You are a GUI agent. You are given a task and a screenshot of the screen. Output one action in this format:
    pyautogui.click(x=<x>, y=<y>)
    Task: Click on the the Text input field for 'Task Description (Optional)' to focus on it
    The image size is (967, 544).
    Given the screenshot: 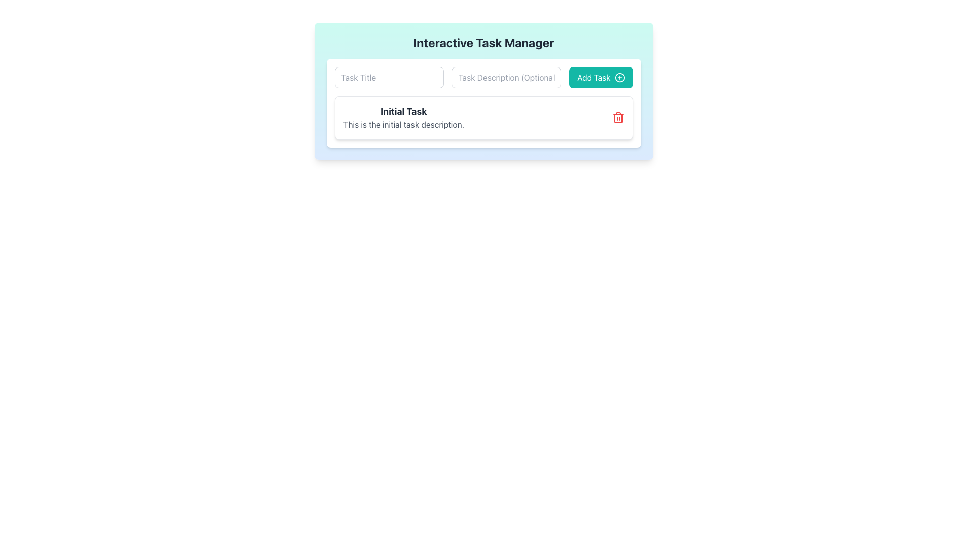 What is the action you would take?
    pyautogui.click(x=506, y=77)
    